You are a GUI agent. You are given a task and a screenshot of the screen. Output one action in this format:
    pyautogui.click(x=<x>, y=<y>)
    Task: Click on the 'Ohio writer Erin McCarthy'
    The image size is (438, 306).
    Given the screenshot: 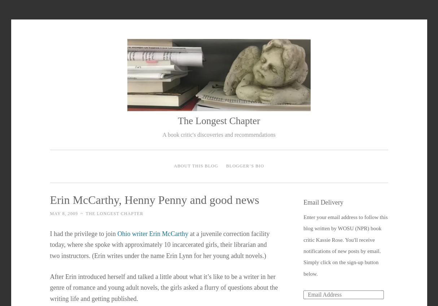 What is the action you would take?
    pyautogui.click(x=152, y=233)
    